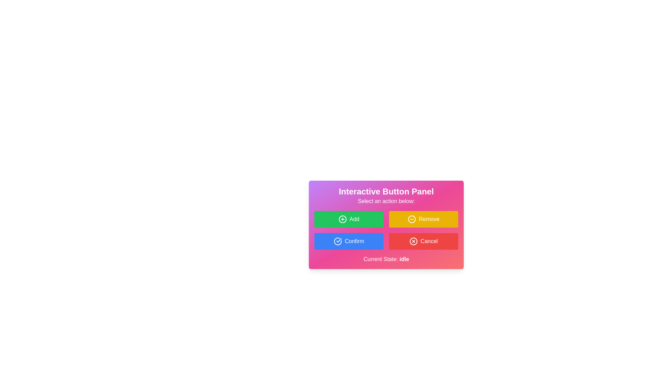 This screenshot has width=664, height=373. Describe the element at coordinates (414, 241) in the screenshot. I see `the circular vector graphic element that is part of the cancel button icon located at the top right of the button panel layout` at that location.